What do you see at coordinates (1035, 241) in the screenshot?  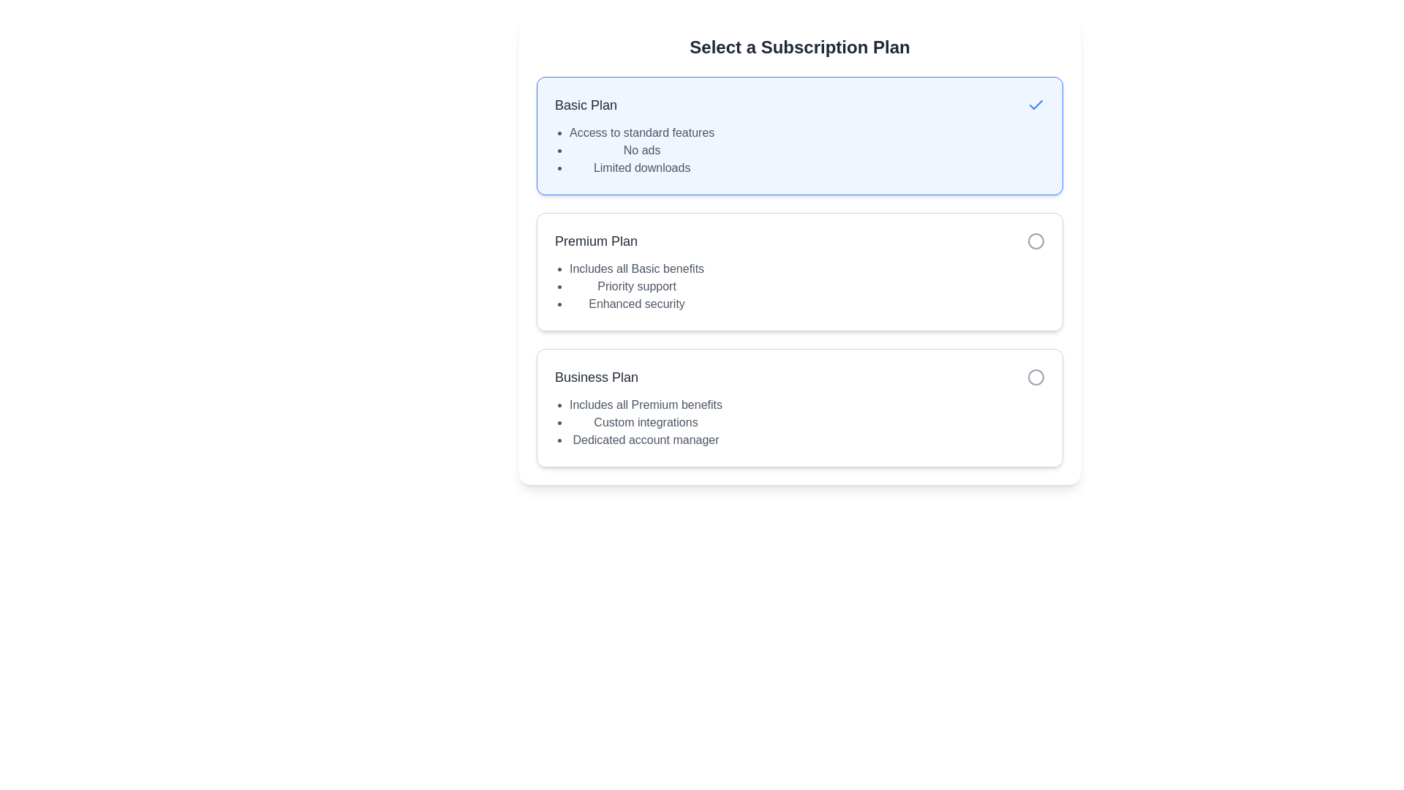 I see `the visual indicator Circle located to the right of the 'Premium Plan' label in the subscription interface` at bounding box center [1035, 241].